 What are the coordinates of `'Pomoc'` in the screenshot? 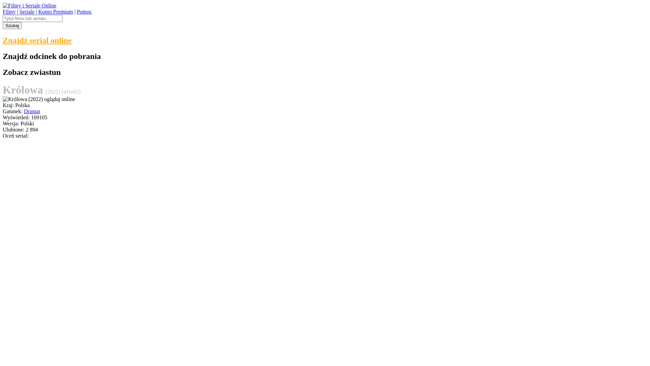 It's located at (84, 12).